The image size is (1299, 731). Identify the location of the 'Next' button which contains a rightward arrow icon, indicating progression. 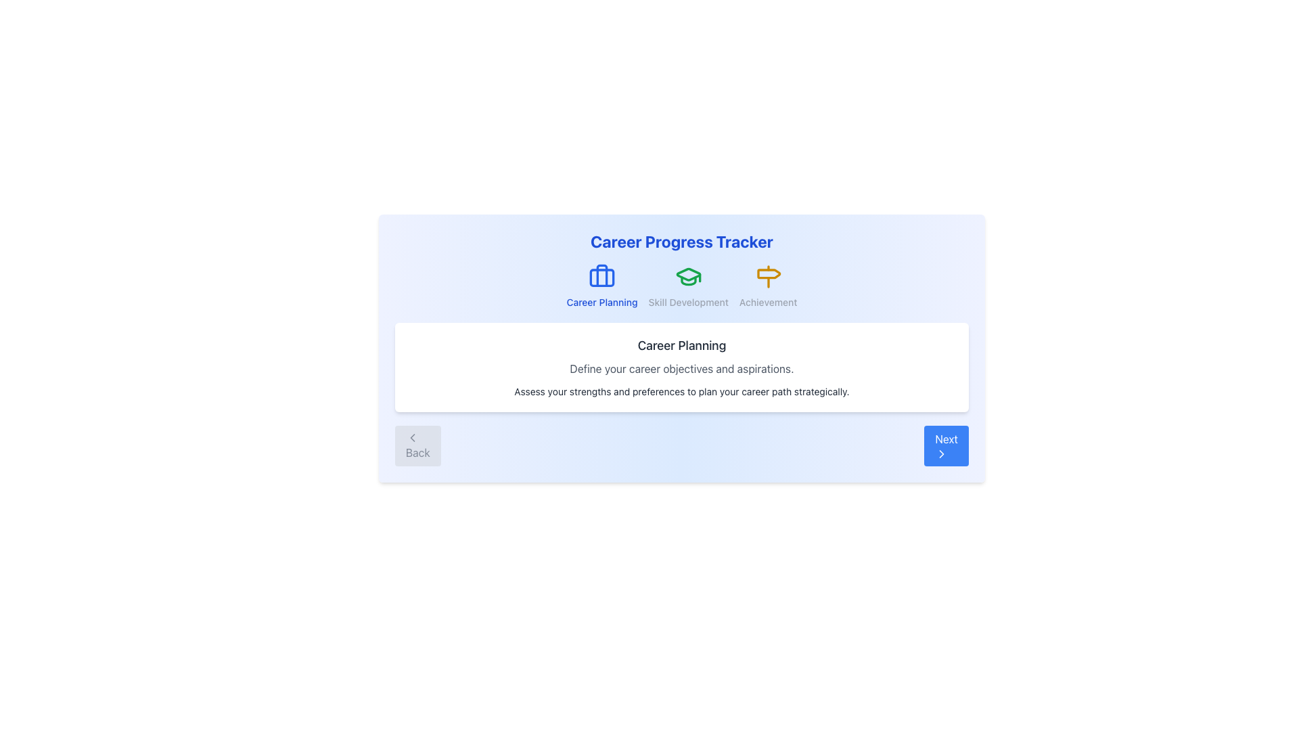
(941, 454).